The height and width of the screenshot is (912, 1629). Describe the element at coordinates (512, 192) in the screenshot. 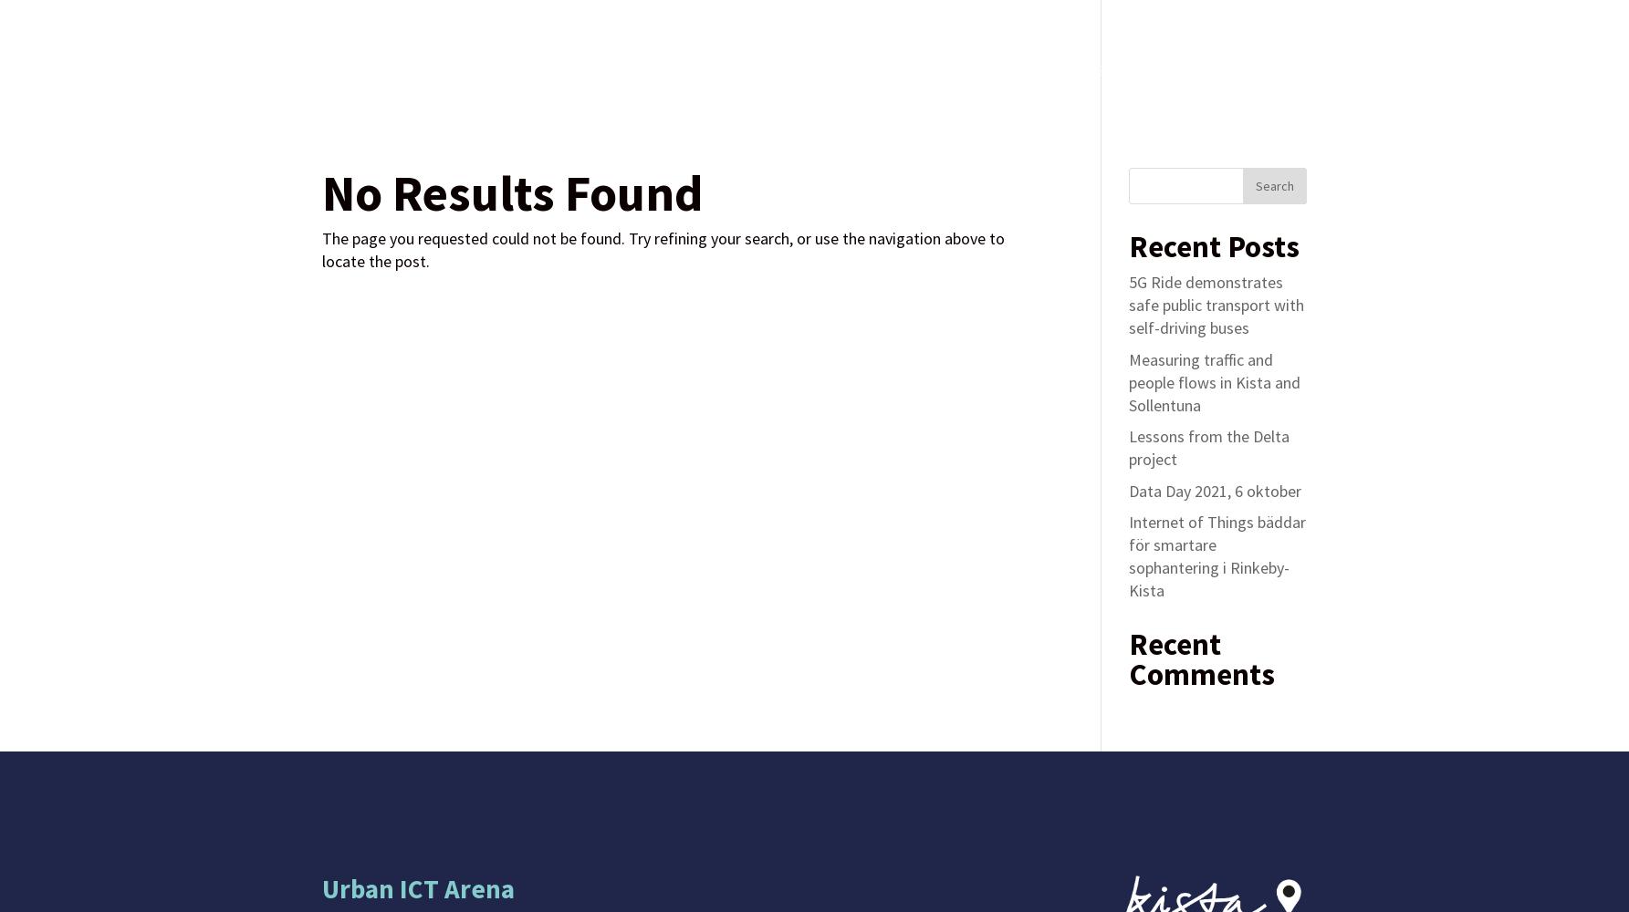

I see `'No Results Found'` at that location.